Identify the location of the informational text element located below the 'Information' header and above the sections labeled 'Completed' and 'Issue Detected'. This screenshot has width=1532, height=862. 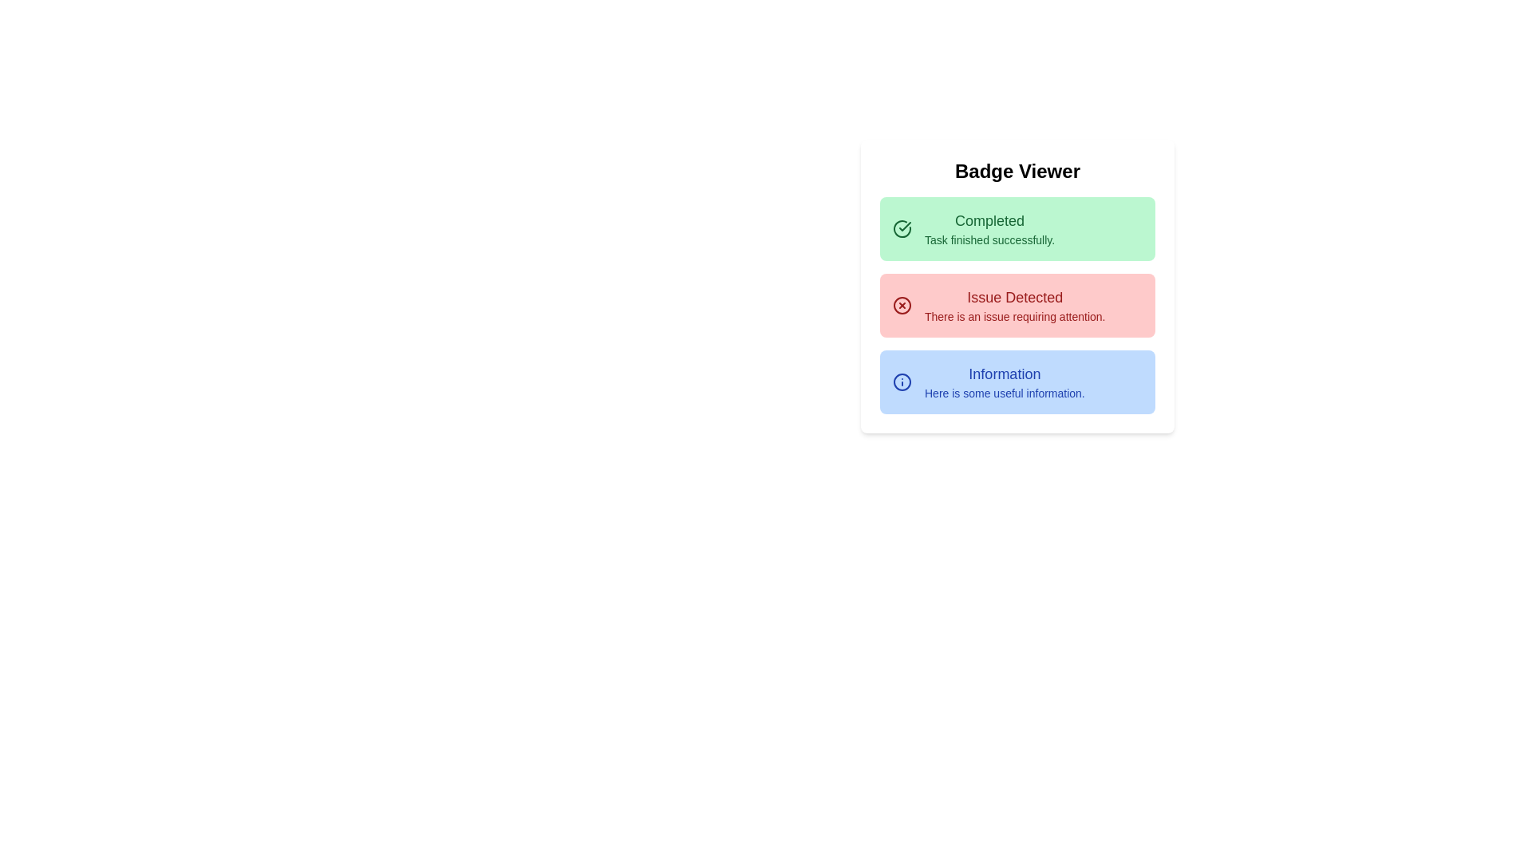
(1004, 393).